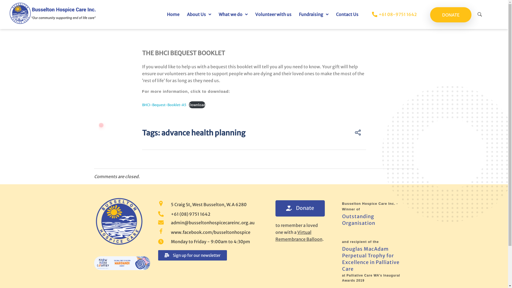 The height and width of the screenshot is (288, 512). I want to click on 'Contact Us', so click(347, 14).